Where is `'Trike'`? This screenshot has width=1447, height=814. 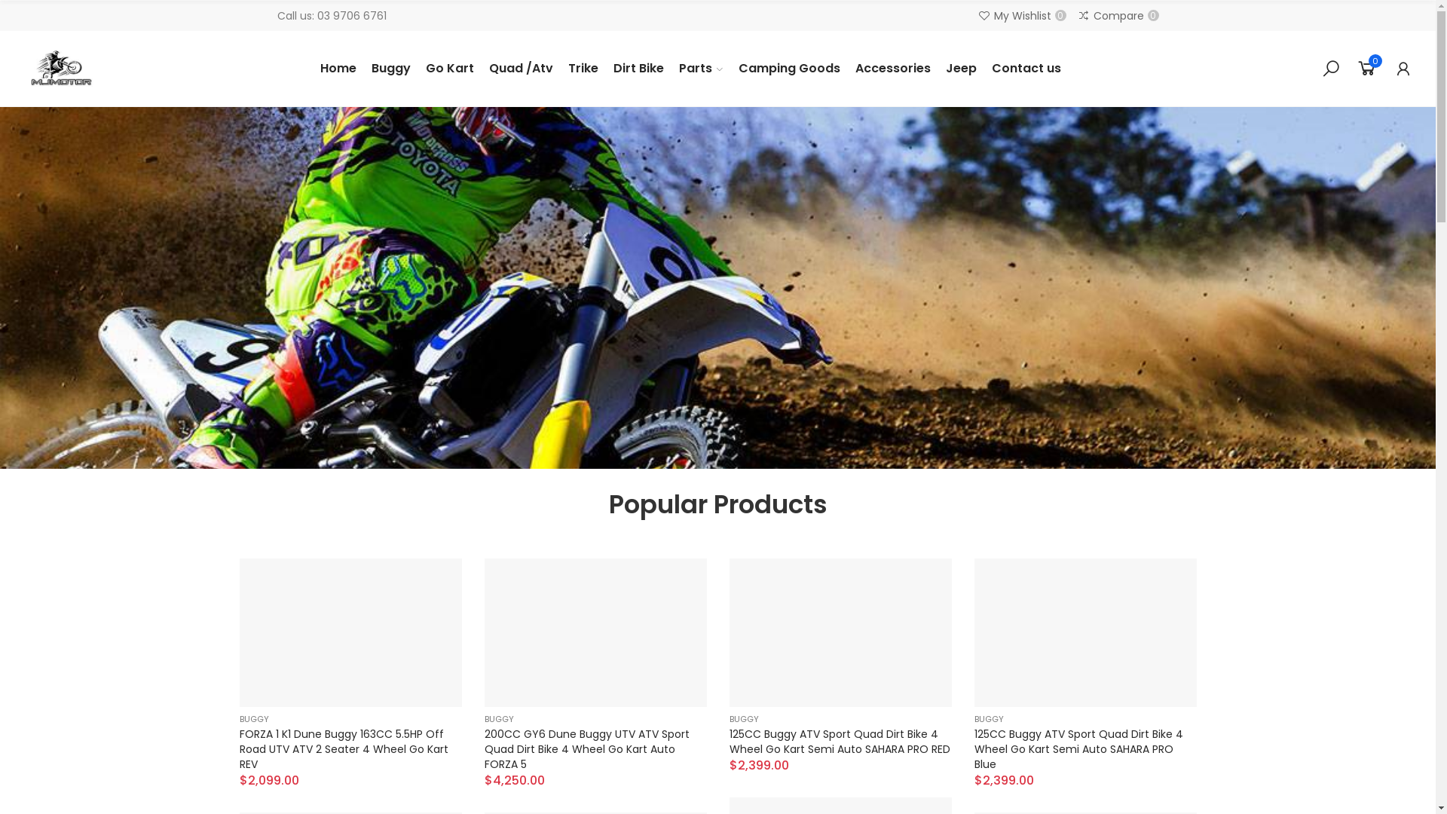
'Trike' is located at coordinates (581, 69).